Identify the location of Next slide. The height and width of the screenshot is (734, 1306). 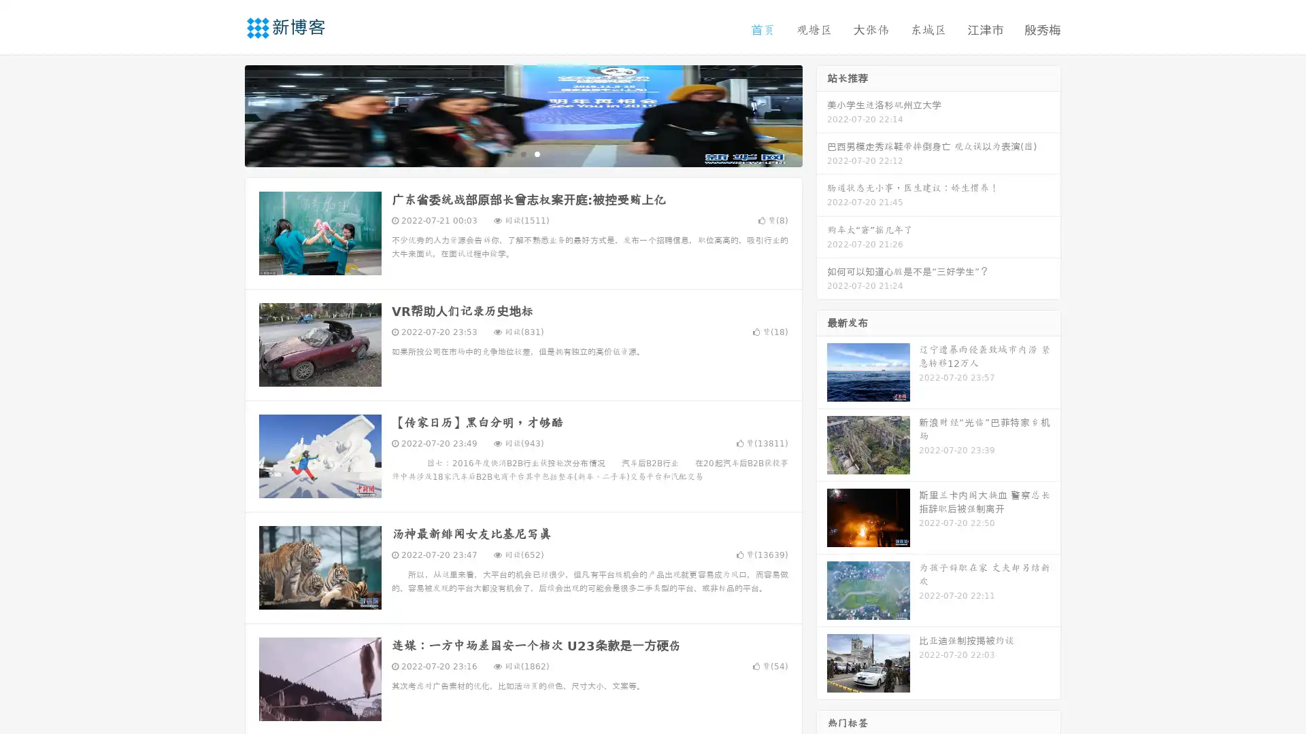
(822, 114).